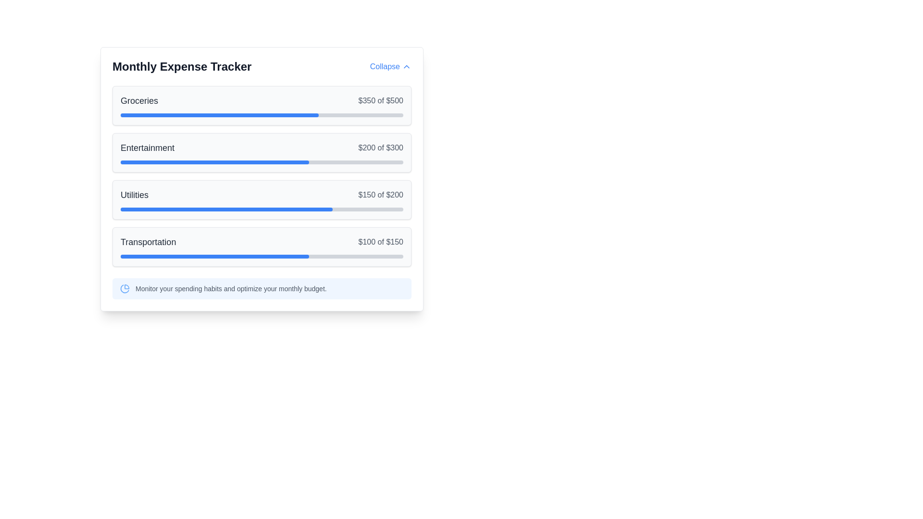 This screenshot has height=519, width=923. Describe the element at coordinates (219, 114) in the screenshot. I see `the filled portion of the progress indicator bar styled in blue under the 'Groceries' category, which represents 70% completion in the 'Monthly Expense Tracker' section` at that location.